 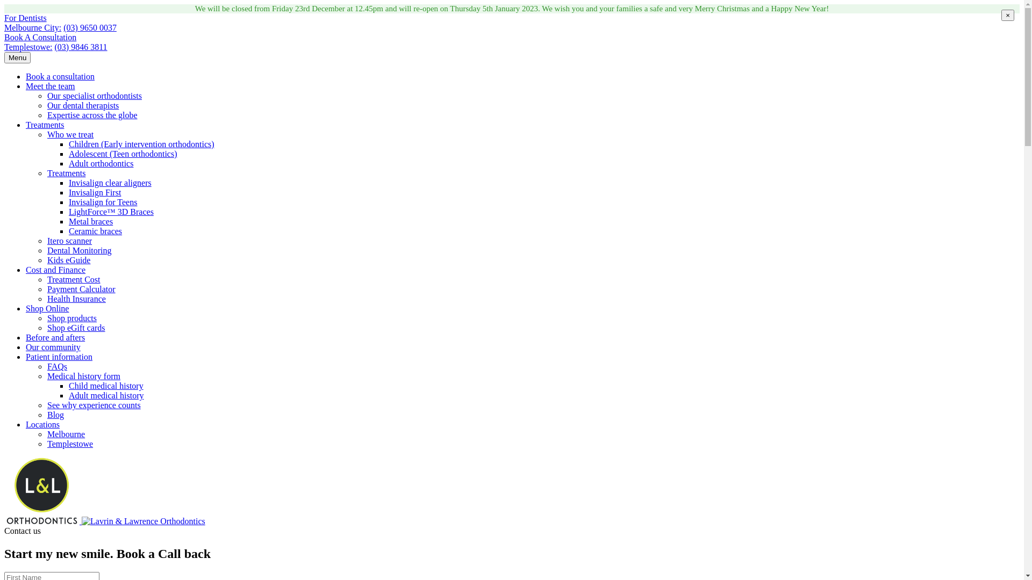 What do you see at coordinates (92, 115) in the screenshot?
I see `'Expertise across the globe'` at bounding box center [92, 115].